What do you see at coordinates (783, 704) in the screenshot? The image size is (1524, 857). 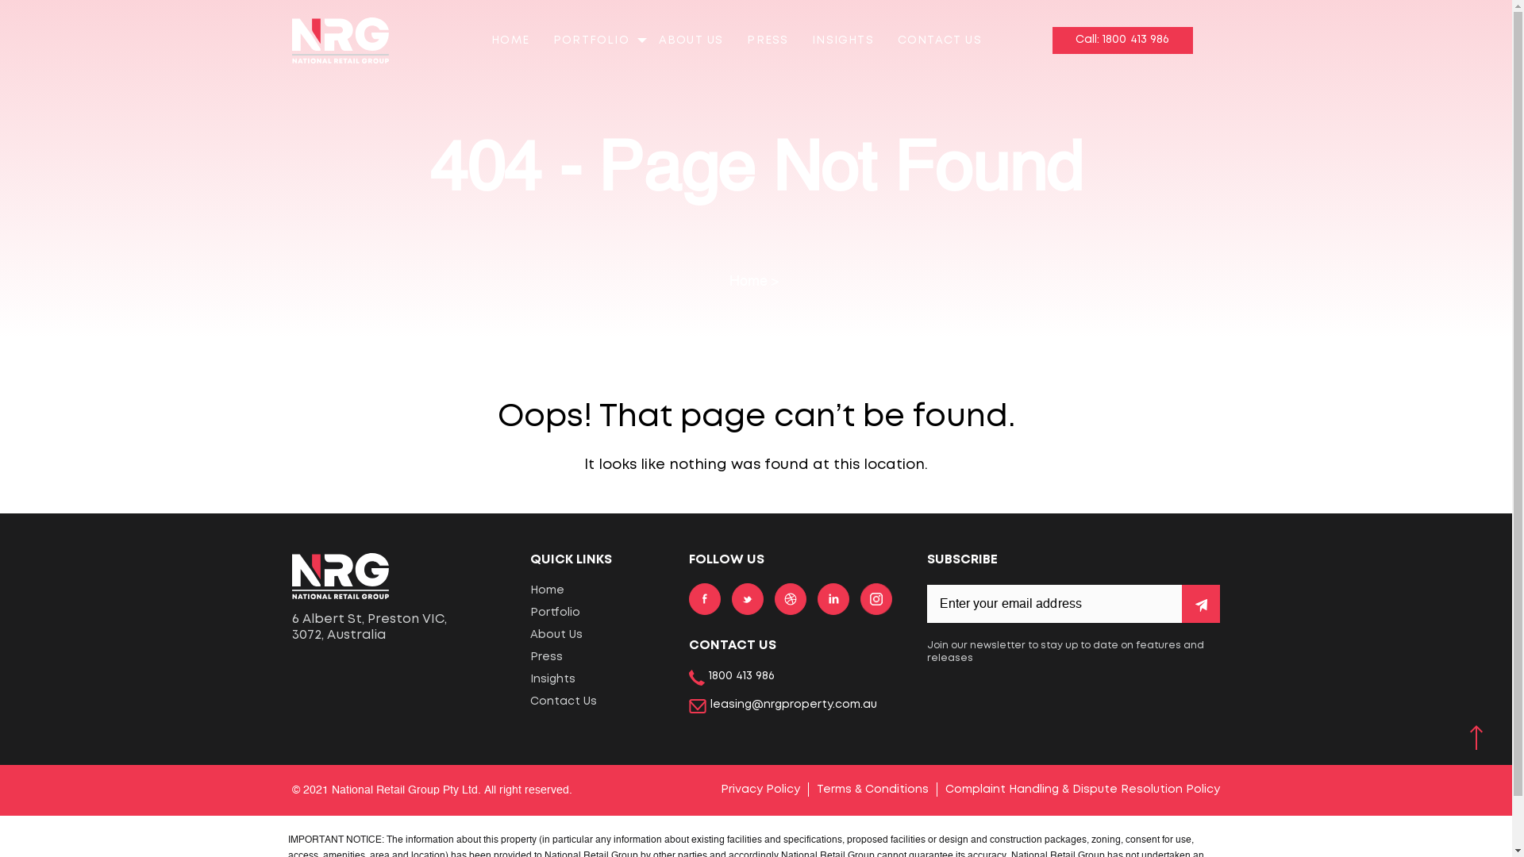 I see `'leasing@nrgproperty.com.au'` at bounding box center [783, 704].